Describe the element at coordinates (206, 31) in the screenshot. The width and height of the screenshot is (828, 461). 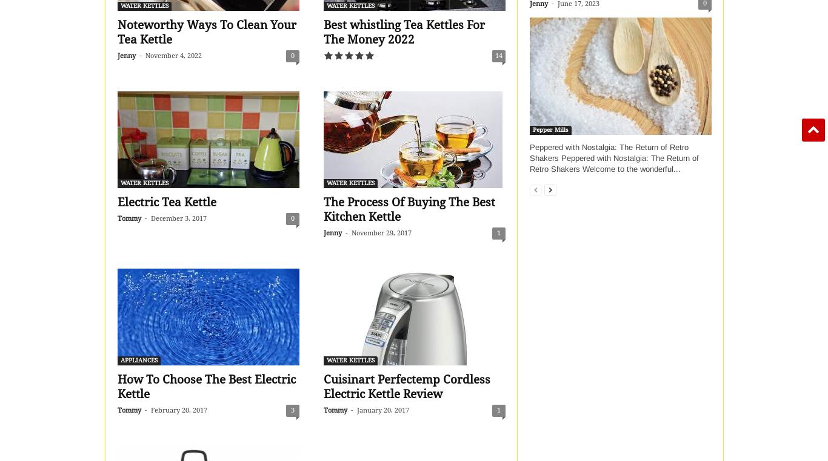
I see `'Noteworthy Ways To Clean Your Tea Kettle'` at that location.